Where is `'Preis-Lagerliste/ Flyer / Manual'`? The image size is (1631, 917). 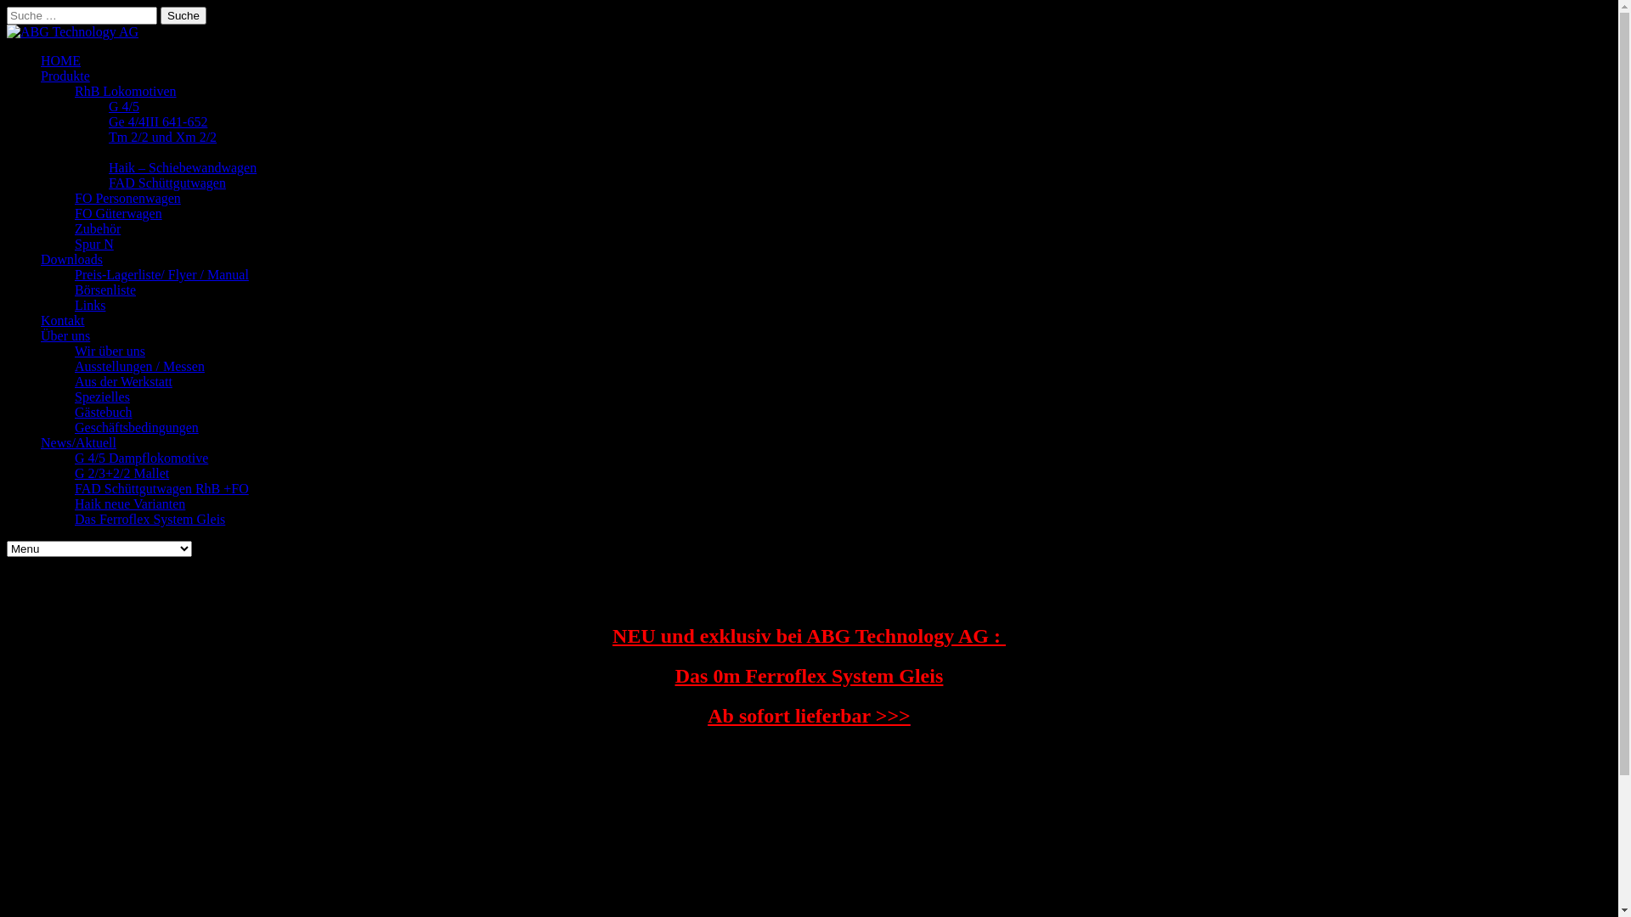 'Preis-Lagerliste/ Flyer / Manual' is located at coordinates (161, 273).